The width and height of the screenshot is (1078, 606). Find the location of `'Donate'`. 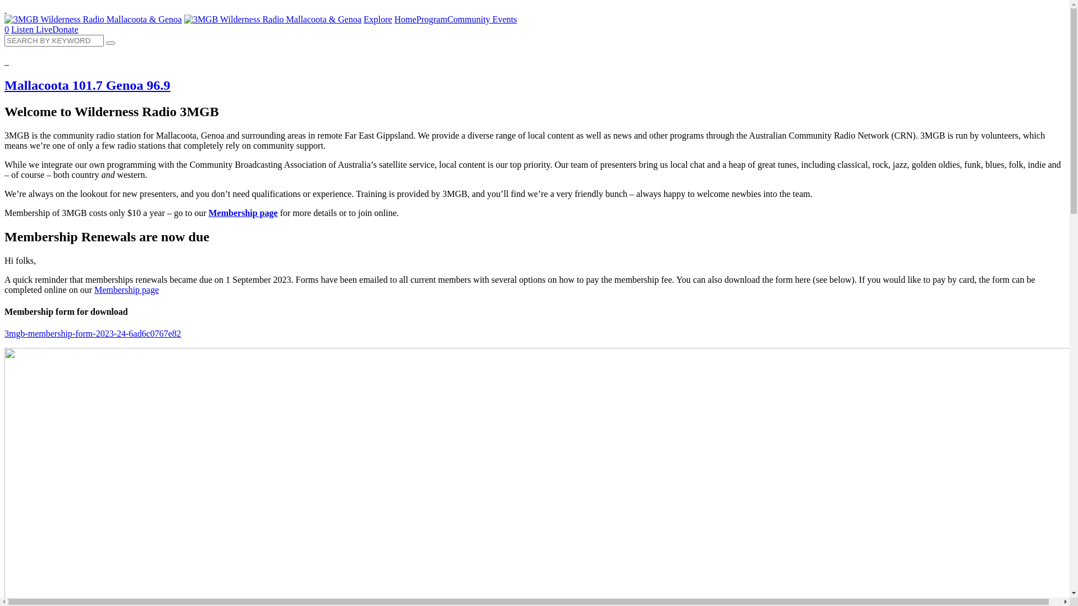

'Donate' is located at coordinates (64, 29).